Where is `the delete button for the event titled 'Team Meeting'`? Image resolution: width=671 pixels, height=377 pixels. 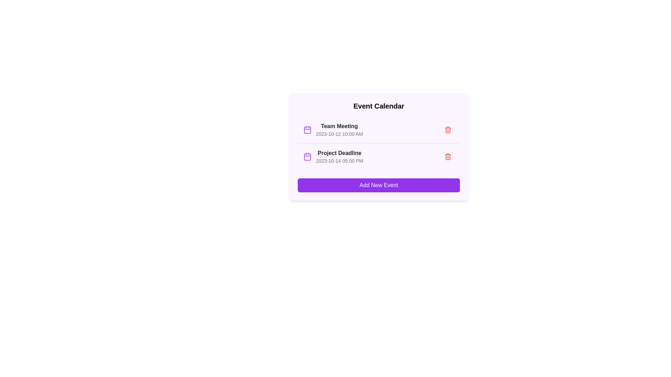 the delete button for the event titled 'Team Meeting' is located at coordinates (448, 130).